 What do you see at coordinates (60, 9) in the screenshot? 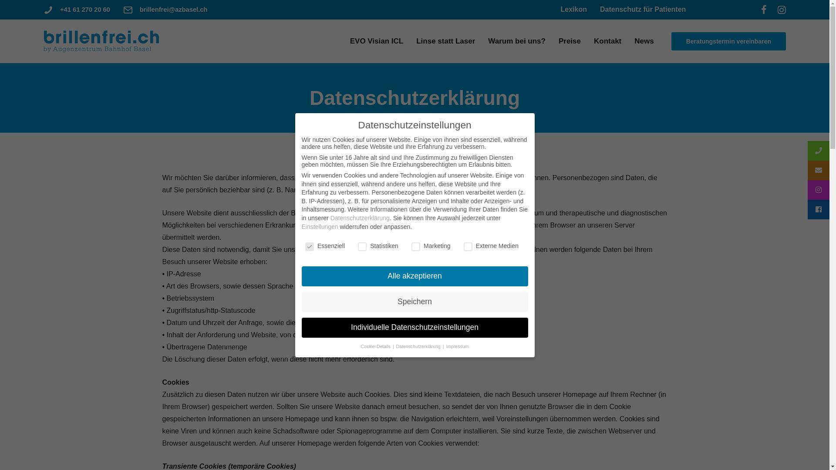
I see `'+41 61 270 20 60'` at bounding box center [60, 9].